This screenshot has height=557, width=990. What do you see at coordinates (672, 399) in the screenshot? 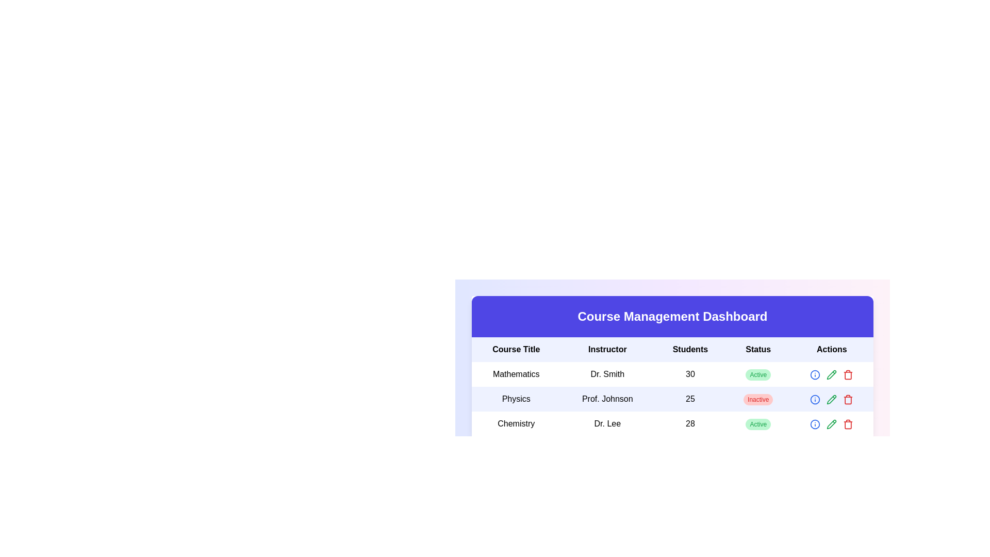
I see `second row of the course table displaying 'Physics', which includes the course name, instructor 'Prof. Johnson', student count '25', and status 'Inactive' highlighted in red` at bounding box center [672, 399].